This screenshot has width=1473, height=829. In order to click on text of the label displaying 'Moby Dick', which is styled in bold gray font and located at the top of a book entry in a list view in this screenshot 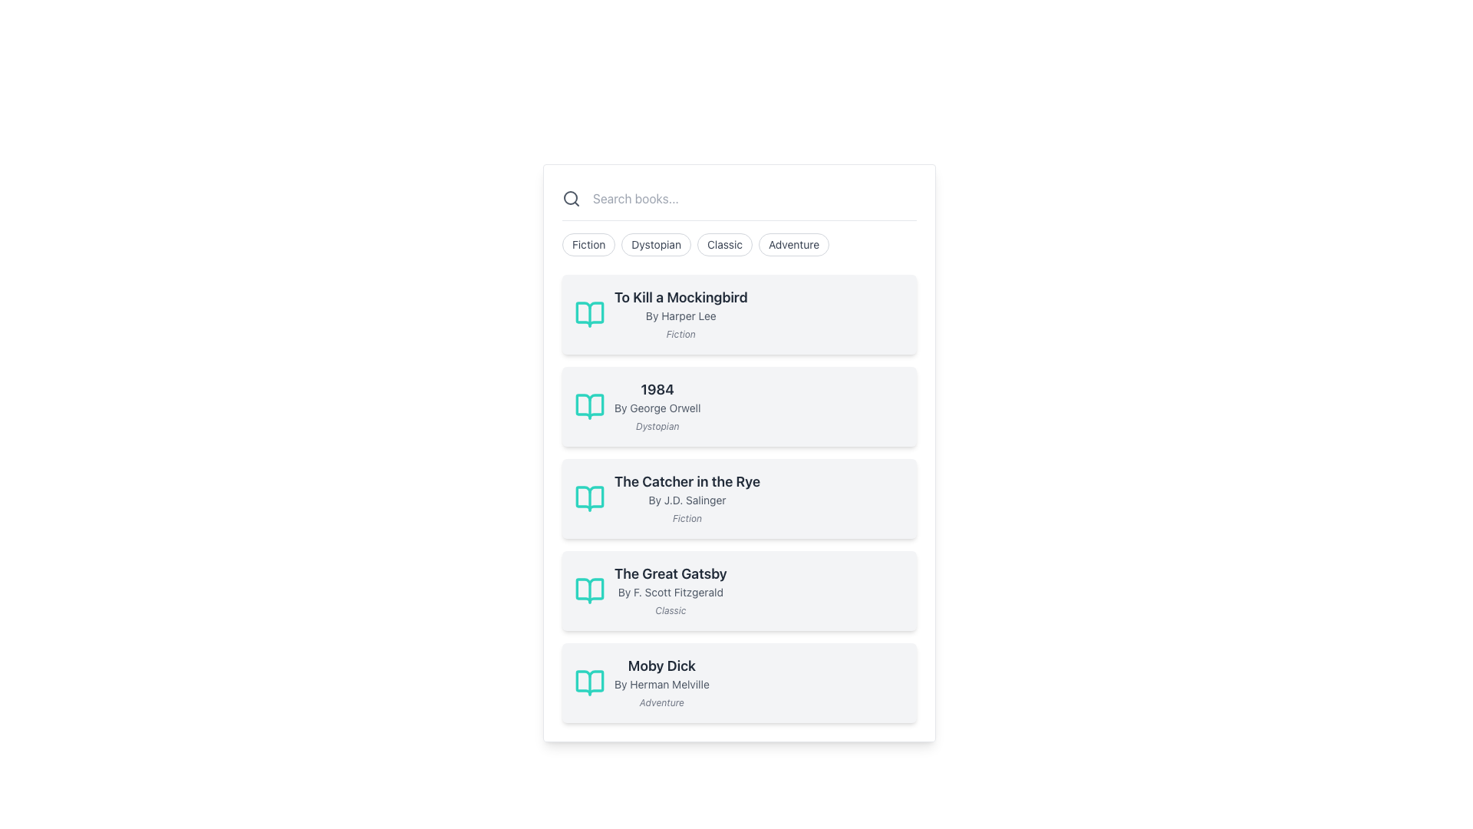, I will do `click(661, 665)`.